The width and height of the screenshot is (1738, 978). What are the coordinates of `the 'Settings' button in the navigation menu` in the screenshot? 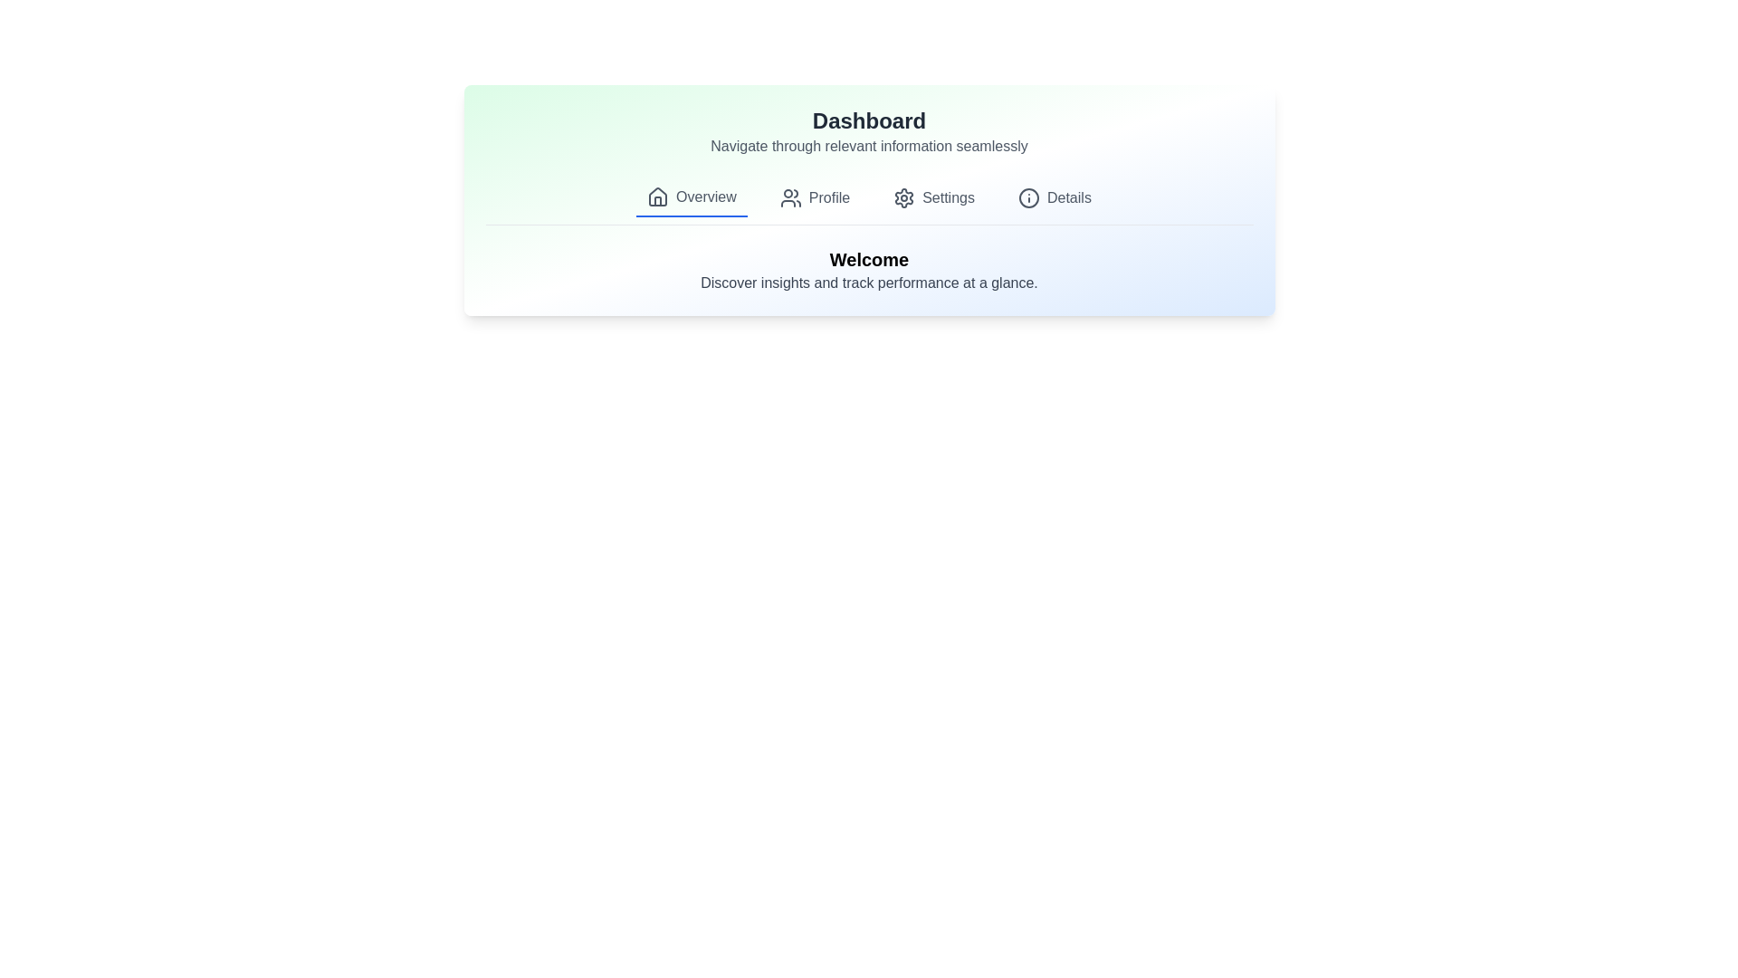 It's located at (934, 198).